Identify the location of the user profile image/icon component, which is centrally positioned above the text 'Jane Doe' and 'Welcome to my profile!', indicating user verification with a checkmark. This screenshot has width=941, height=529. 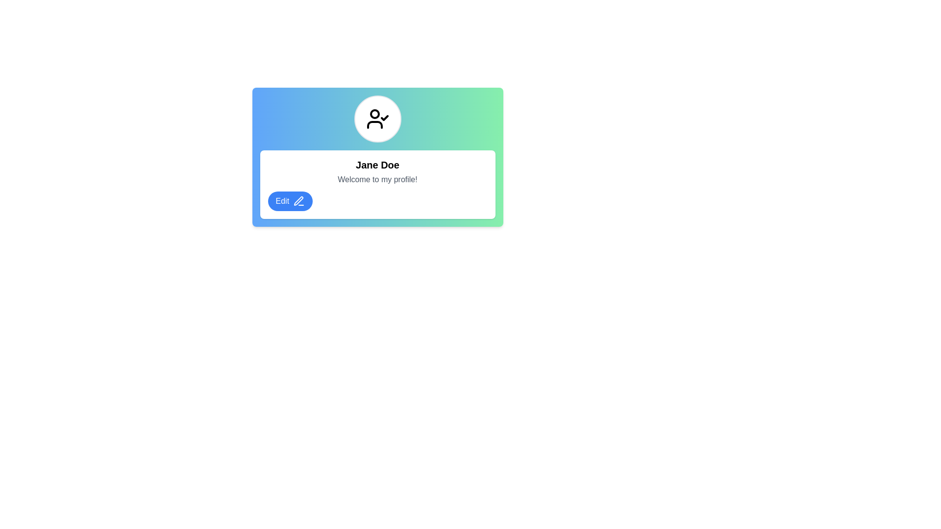
(377, 119).